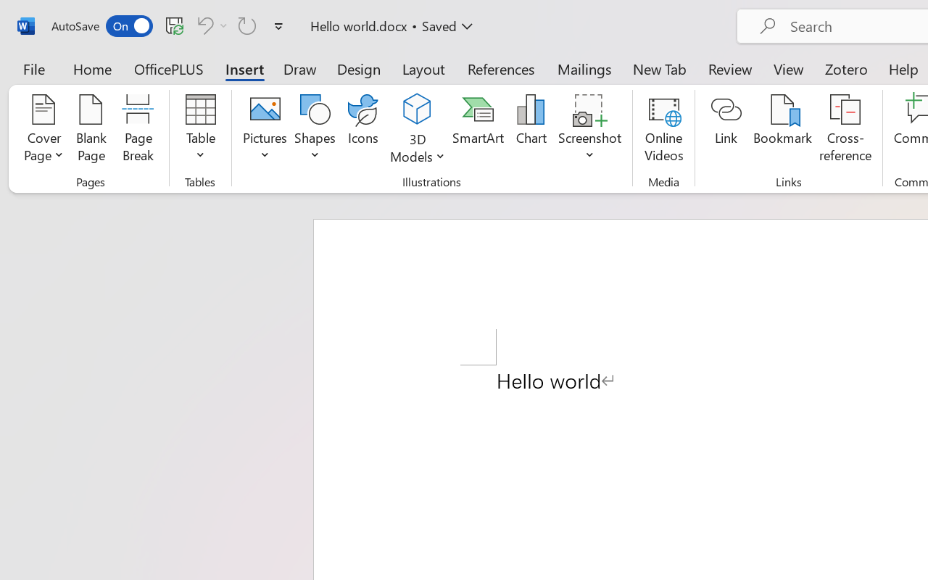  I want to click on 'Draw', so click(299, 68).